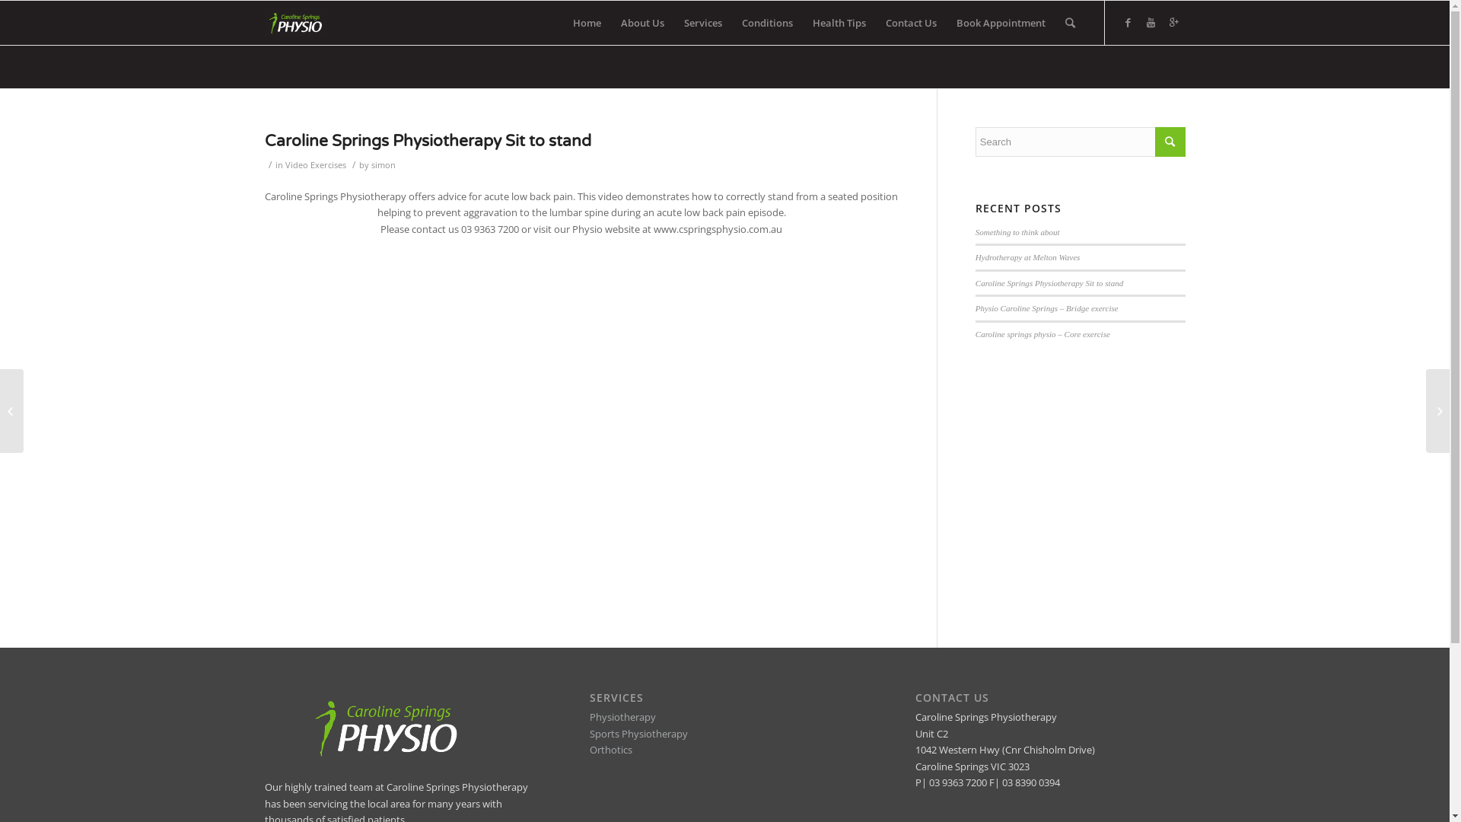  What do you see at coordinates (910, 23) in the screenshot?
I see `'Contact Us'` at bounding box center [910, 23].